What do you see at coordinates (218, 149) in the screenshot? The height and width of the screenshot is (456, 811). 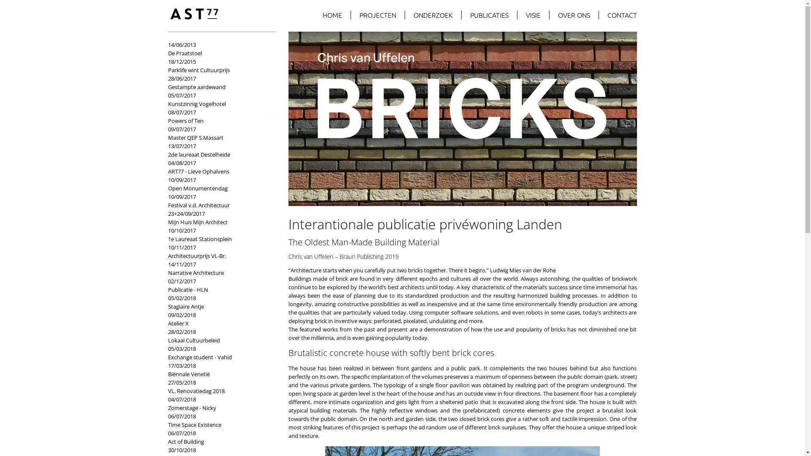 I see `'13/07/2017` at bounding box center [218, 149].